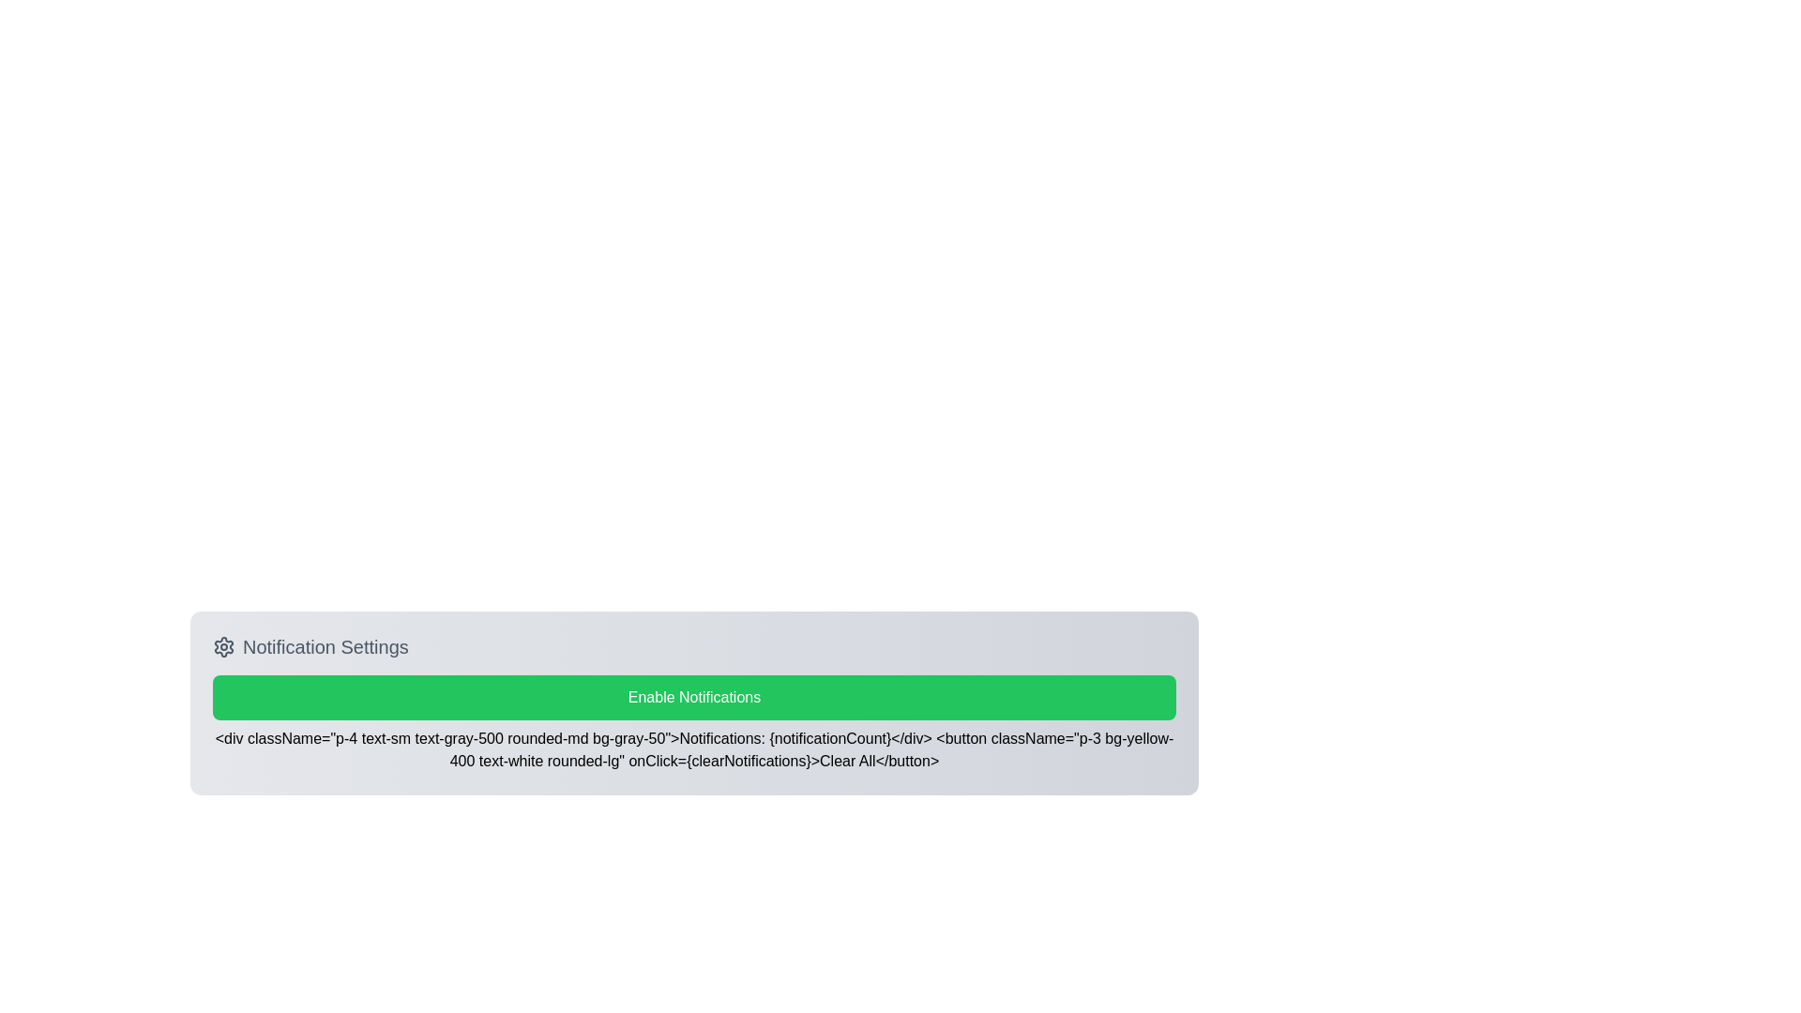 The width and height of the screenshot is (1801, 1013). I want to click on the cogwheel icon representing settings located on the left side of the Notification Settings header, so click(224, 646).